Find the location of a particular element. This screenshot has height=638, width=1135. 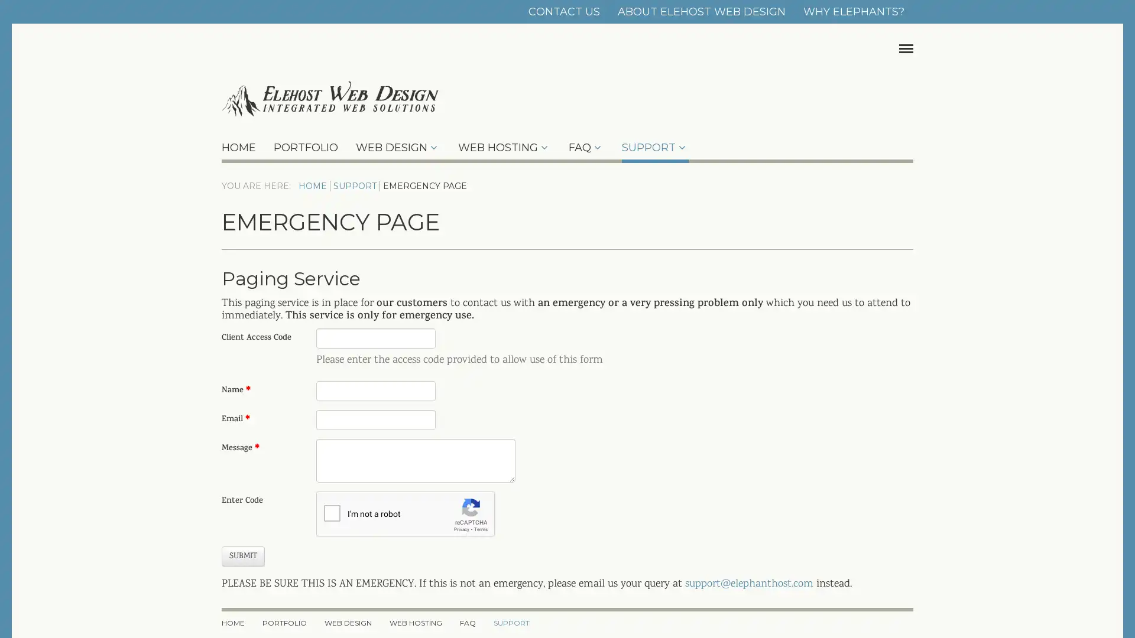

Submit is located at coordinates (242, 556).